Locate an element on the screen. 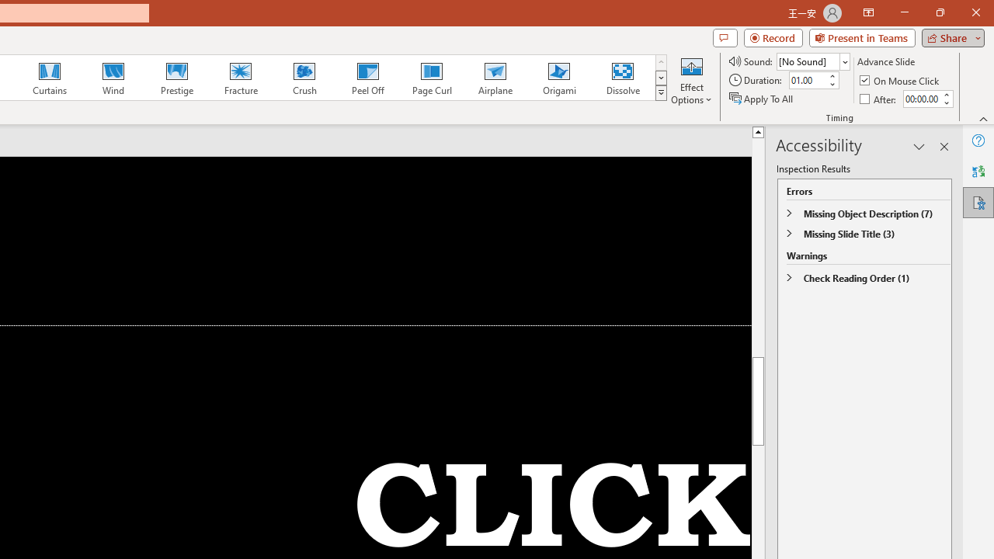 This screenshot has height=559, width=994. 'More' is located at coordinates (945, 94).